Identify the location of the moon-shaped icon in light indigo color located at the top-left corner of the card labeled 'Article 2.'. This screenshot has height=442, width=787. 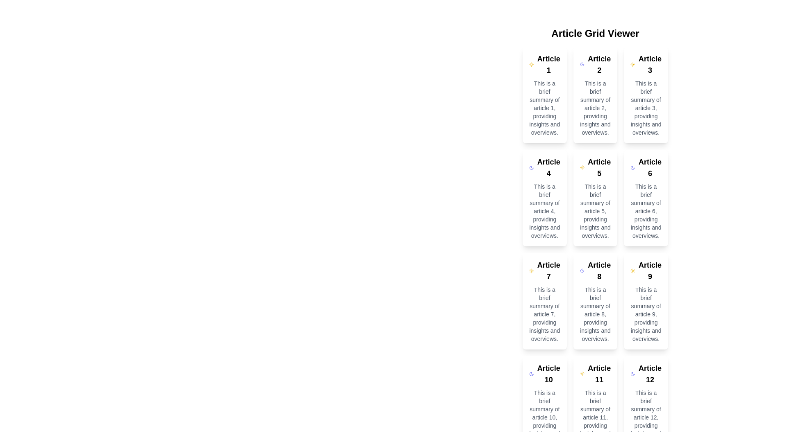
(582, 64).